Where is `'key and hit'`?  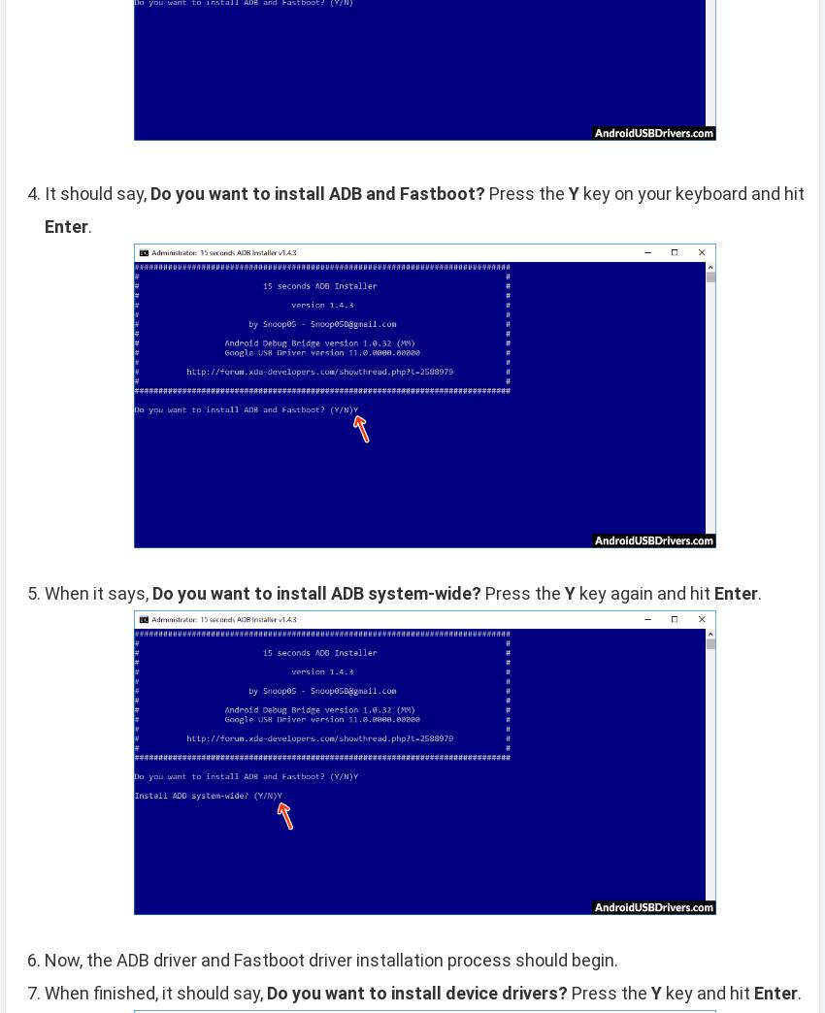 'key and hit' is located at coordinates (708, 992).